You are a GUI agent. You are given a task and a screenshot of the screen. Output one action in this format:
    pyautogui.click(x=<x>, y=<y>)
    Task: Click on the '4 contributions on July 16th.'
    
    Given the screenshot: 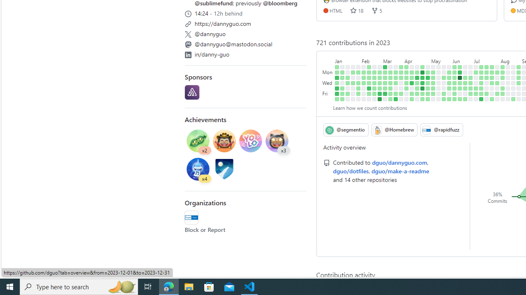 What is the action you would take?
    pyautogui.click(x=487, y=66)
    